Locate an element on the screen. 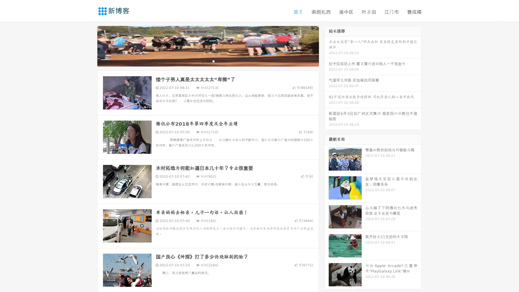 The width and height of the screenshot is (519, 292). Go to slide 3 is located at coordinates (213, 61).